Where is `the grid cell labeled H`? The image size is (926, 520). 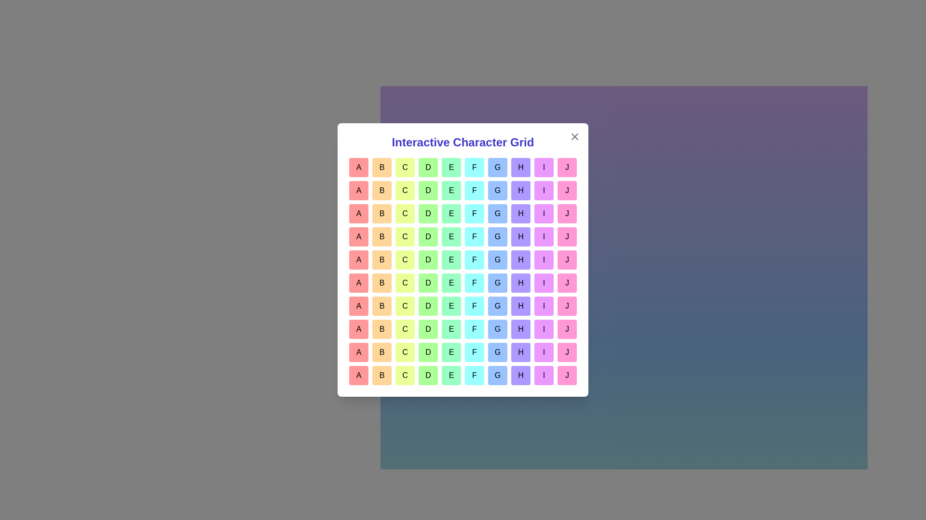
the grid cell labeled H is located at coordinates (520, 167).